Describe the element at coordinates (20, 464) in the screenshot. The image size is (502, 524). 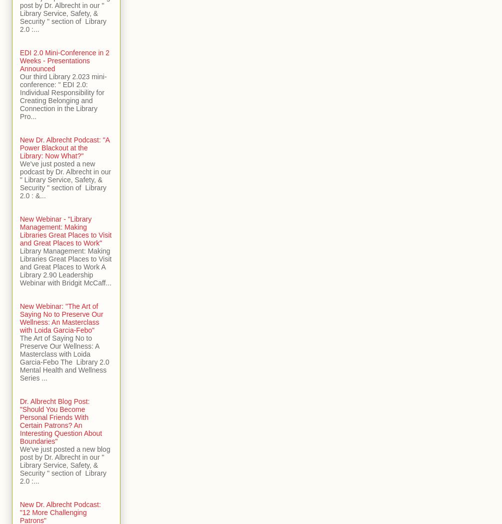
I see `'We've just posted a new blog post by Dr. Albrecht in our " Library Service, Safety, & Security " section of  Library 2.0 :...'` at that location.